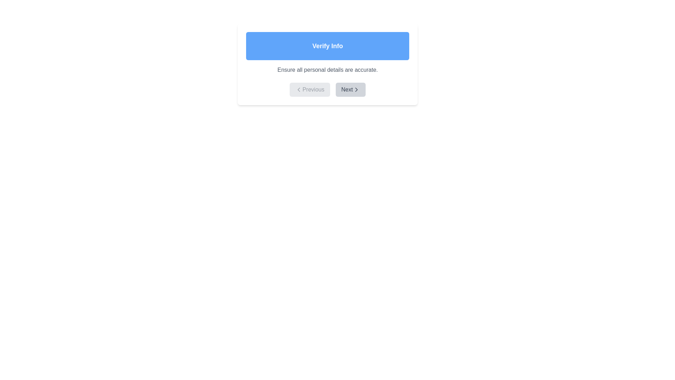 The image size is (675, 380). Describe the element at coordinates (356, 89) in the screenshot. I see `the 'Next' button which contains the Chevron icon` at that location.